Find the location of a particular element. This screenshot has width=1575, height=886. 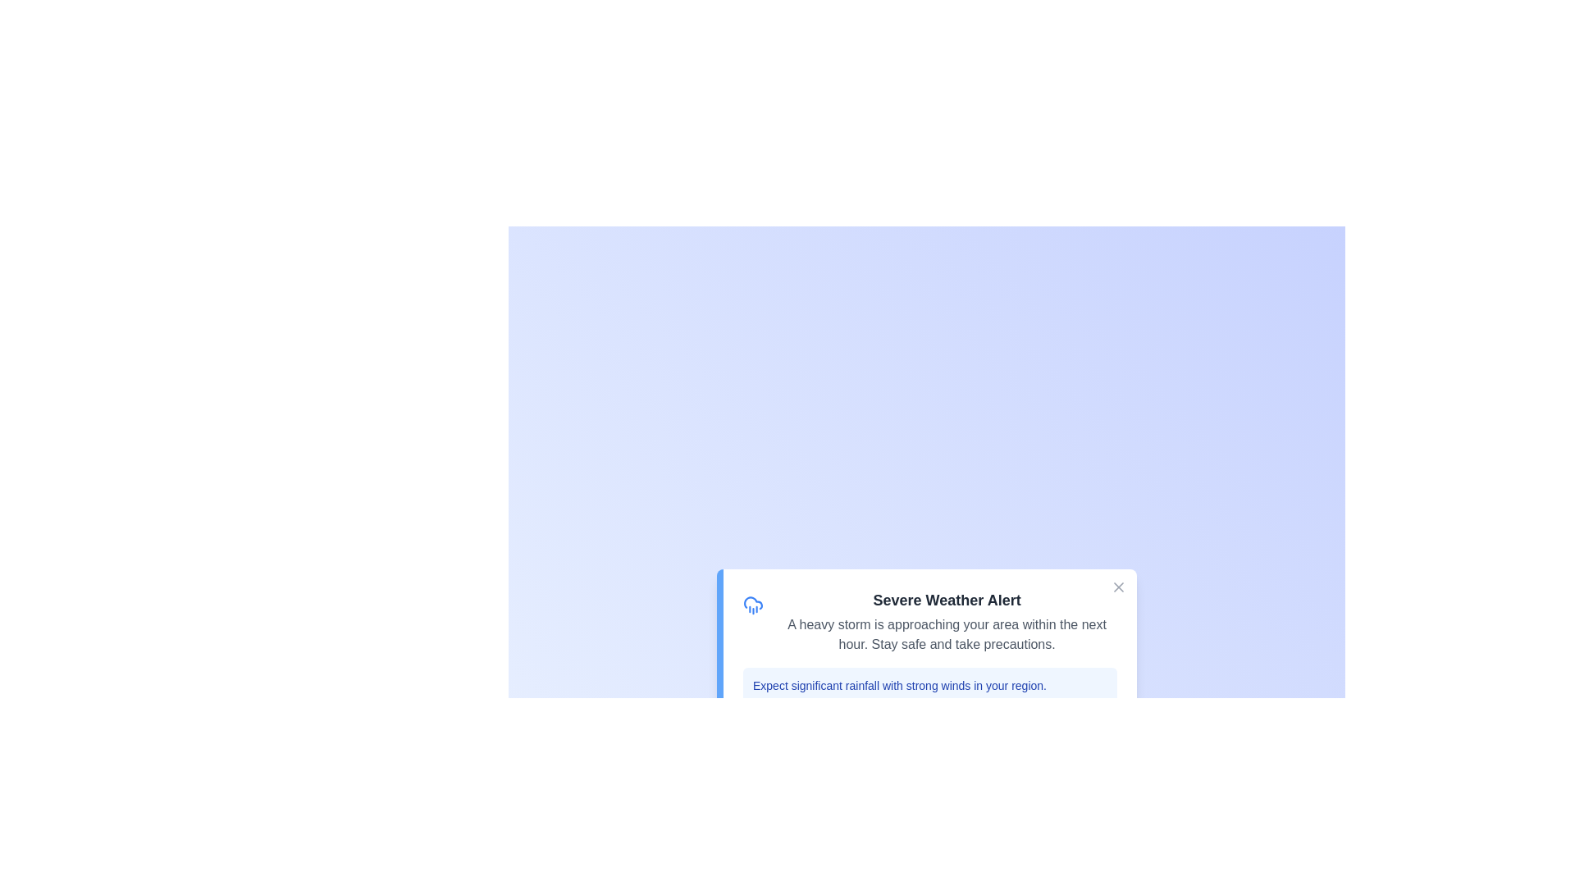

the weather icon to view additional context about the weather alert is located at coordinates (751, 605).